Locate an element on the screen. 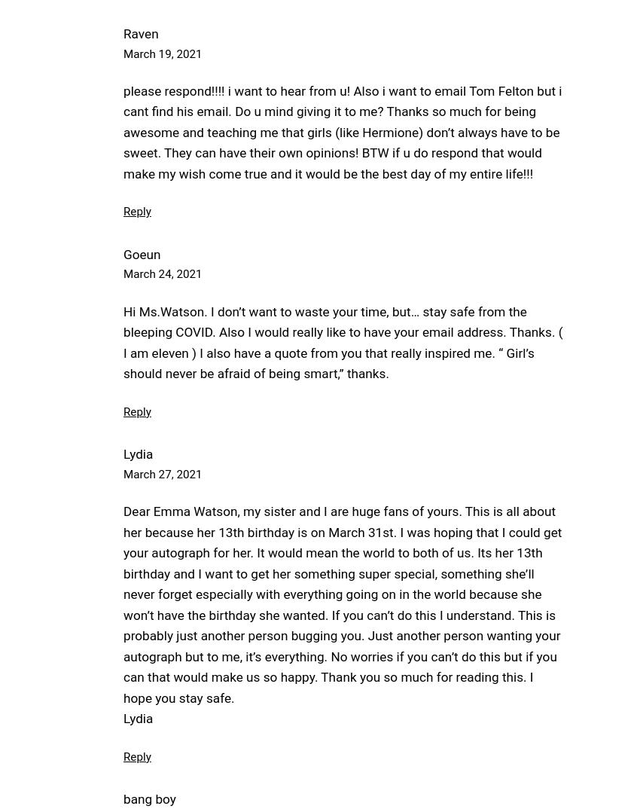  'Hi Ms.Watson. I don’t want to waste your time, but… stay safe from the bleeping COVID. Also I would really like to have your email address. Thanks. ( I am eleven ) I also have a quote from you that really inspired me. “ Girl’s should never be afraid of being smart,” thanks.' is located at coordinates (342, 341).